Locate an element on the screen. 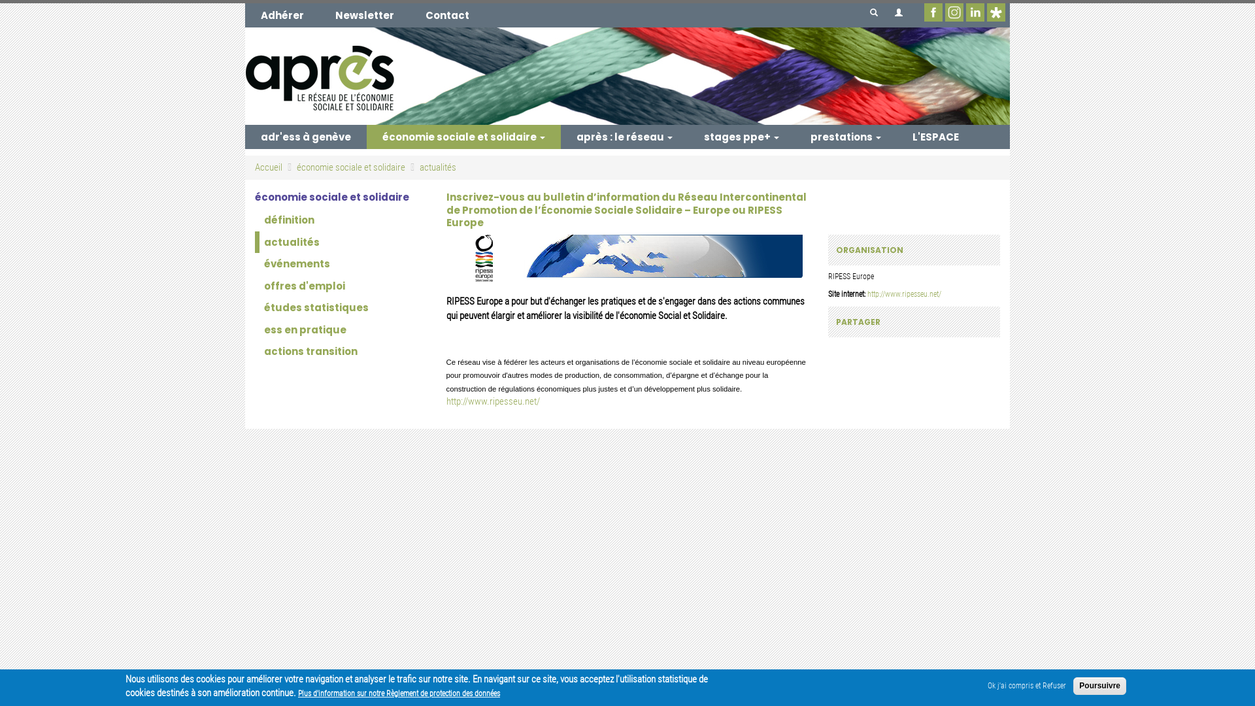 The height and width of the screenshot is (706, 1255). 'Newsletter' is located at coordinates (364, 15).